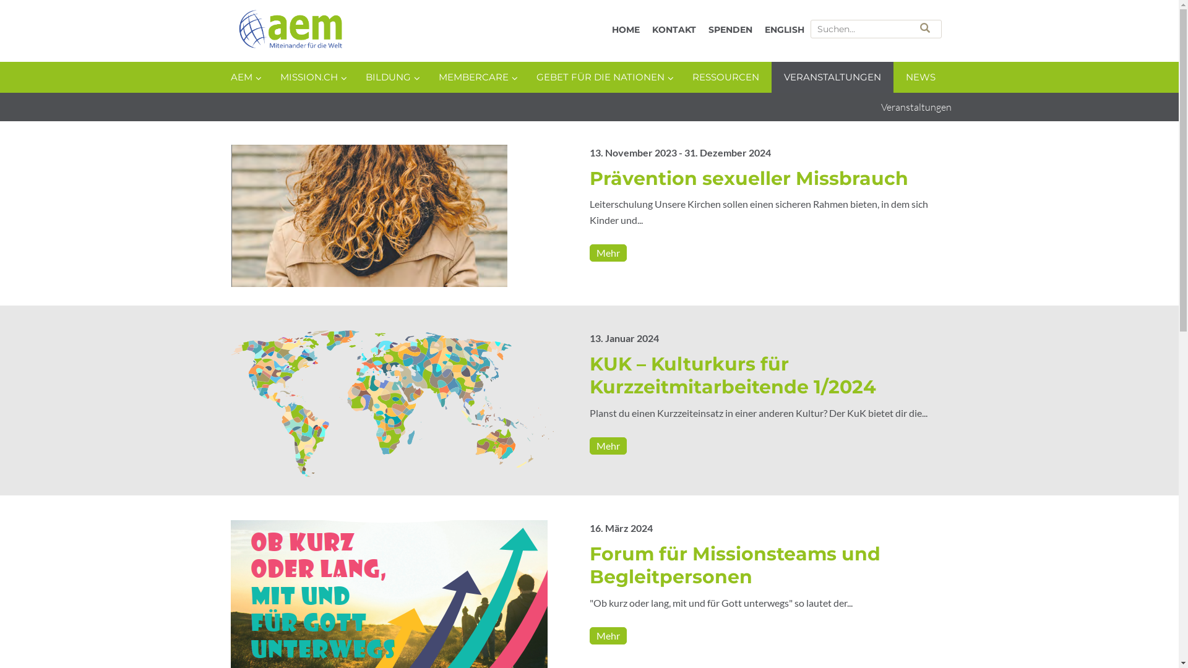 The height and width of the screenshot is (668, 1188). Describe the element at coordinates (783, 28) in the screenshot. I see `'ENGLISH'` at that location.